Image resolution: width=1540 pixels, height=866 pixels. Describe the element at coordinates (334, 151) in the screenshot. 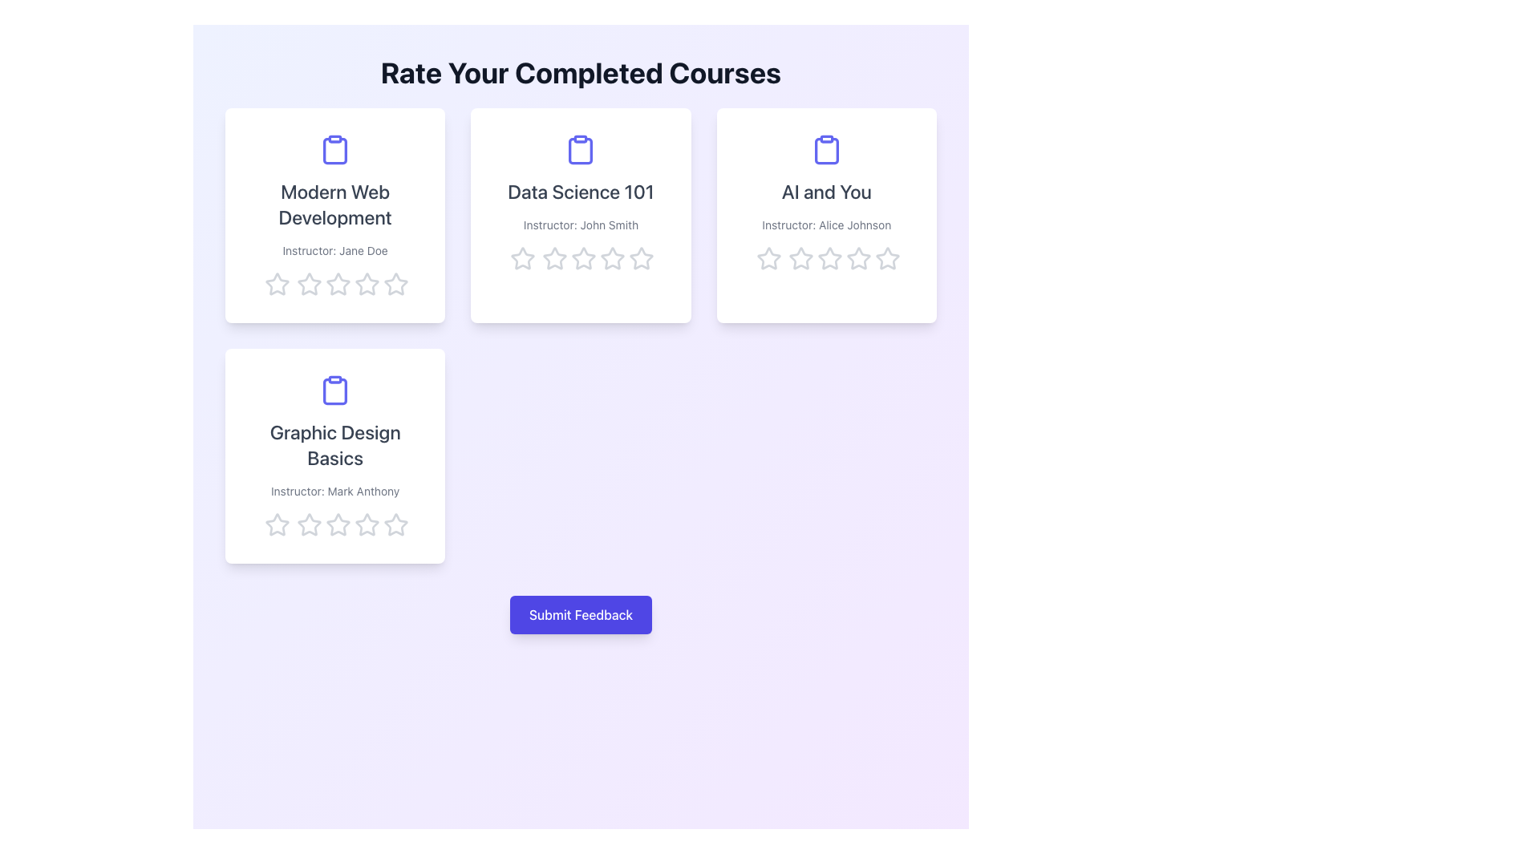

I see `the purple clipboard icon located above the title 'Modern Web Development' in the top-left card of the 2x2 grid` at that location.